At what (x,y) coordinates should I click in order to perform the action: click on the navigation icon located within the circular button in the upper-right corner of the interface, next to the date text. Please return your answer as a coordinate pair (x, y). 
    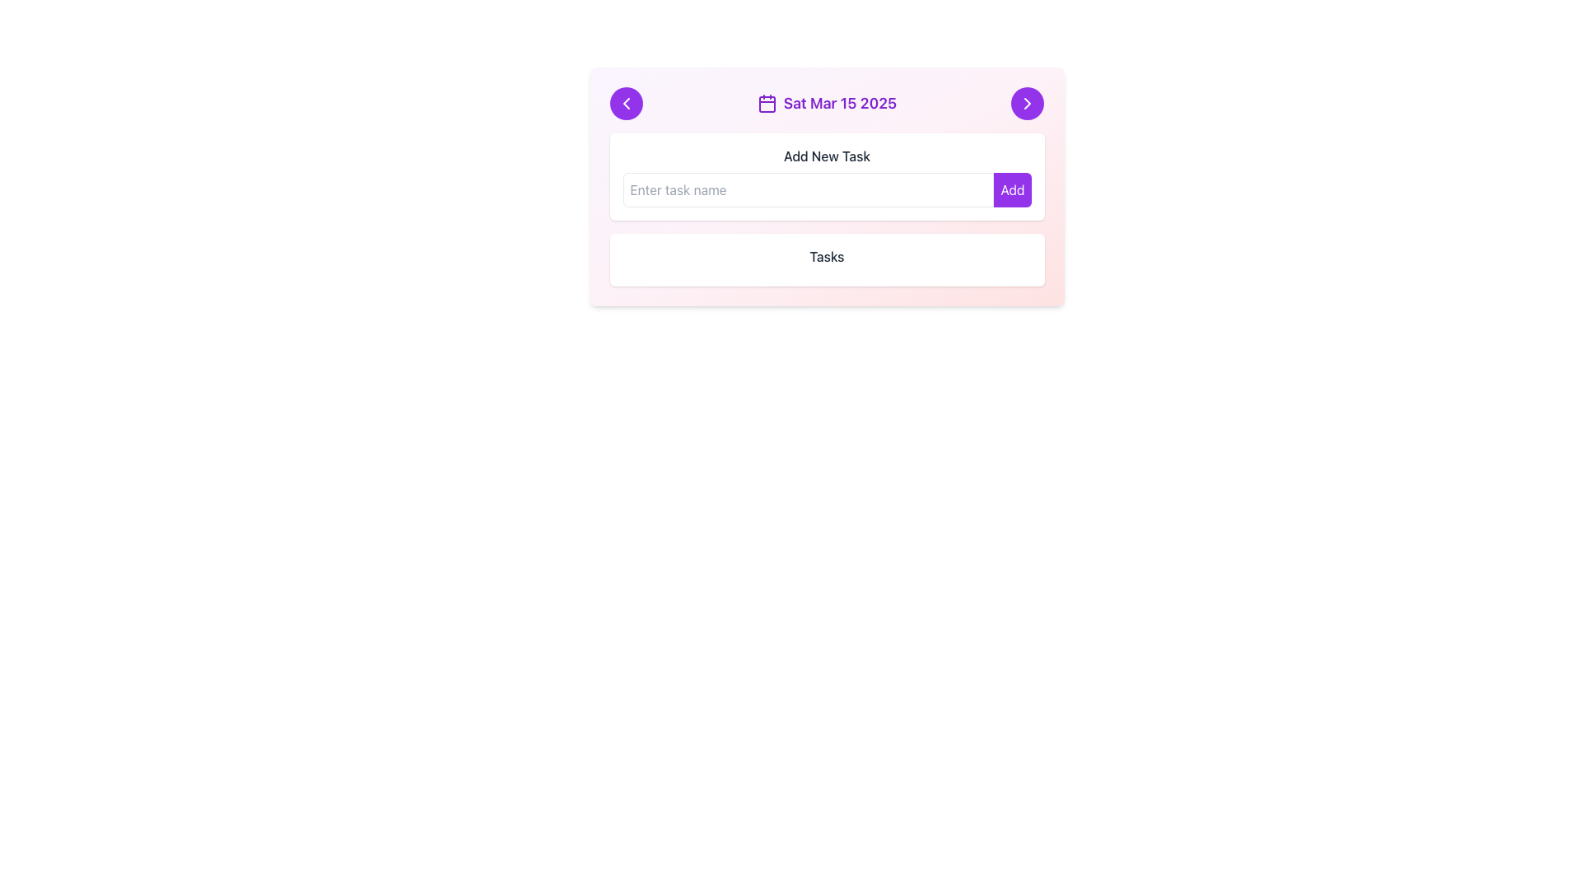
    Looking at the image, I should click on (1027, 104).